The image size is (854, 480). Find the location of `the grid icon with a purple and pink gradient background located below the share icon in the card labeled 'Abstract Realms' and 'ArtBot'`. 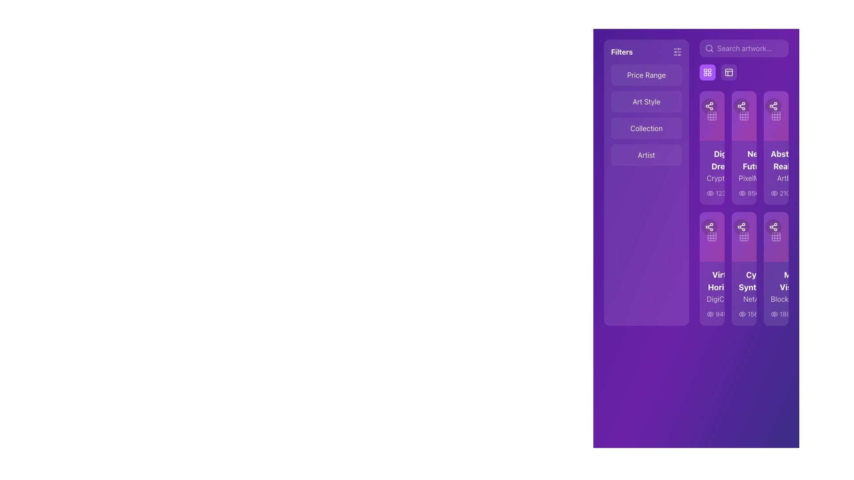

the grid icon with a purple and pink gradient background located below the share icon in the card labeled 'Abstract Realms' and 'ArtBot' is located at coordinates (776, 116).